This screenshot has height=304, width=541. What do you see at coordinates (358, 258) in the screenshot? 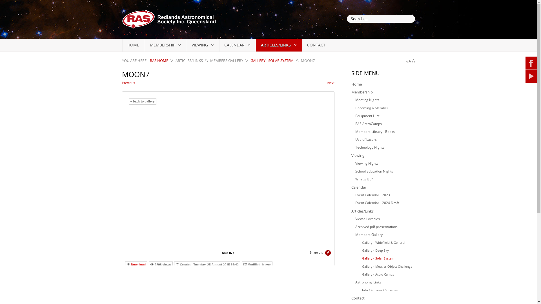
I see `'Gallery - Solar System'` at bounding box center [358, 258].